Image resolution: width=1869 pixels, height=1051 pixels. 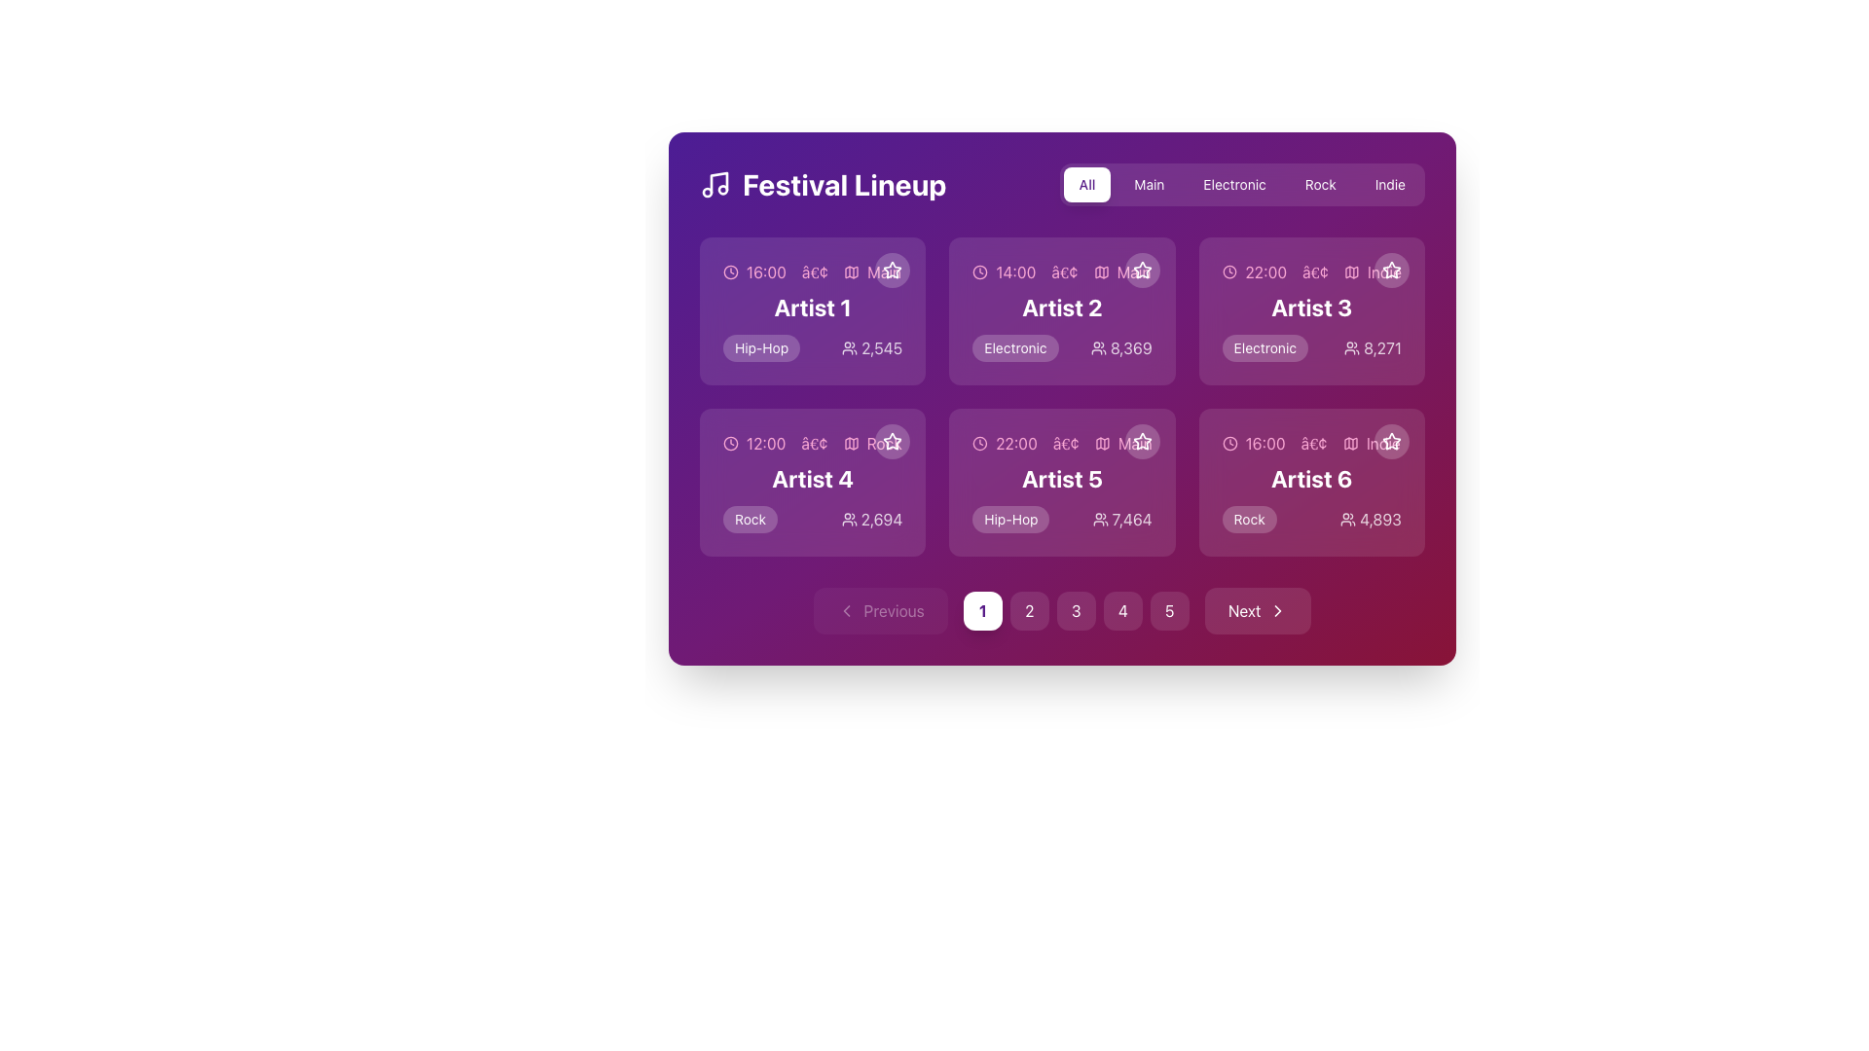 What do you see at coordinates (851, 443) in the screenshot?
I see `the small map icon located in the bottom-left corner of the card for 'Artist 4' in the festival lineup grid` at bounding box center [851, 443].